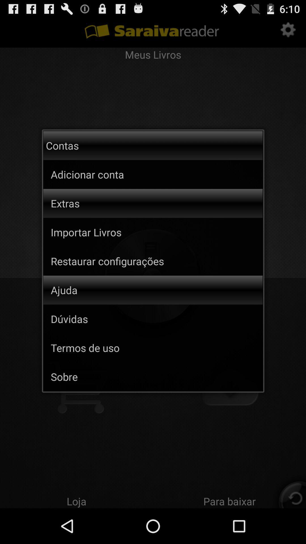 The width and height of the screenshot is (306, 544). What do you see at coordinates (157, 377) in the screenshot?
I see `the sobre app` at bounding box center [157, 377].